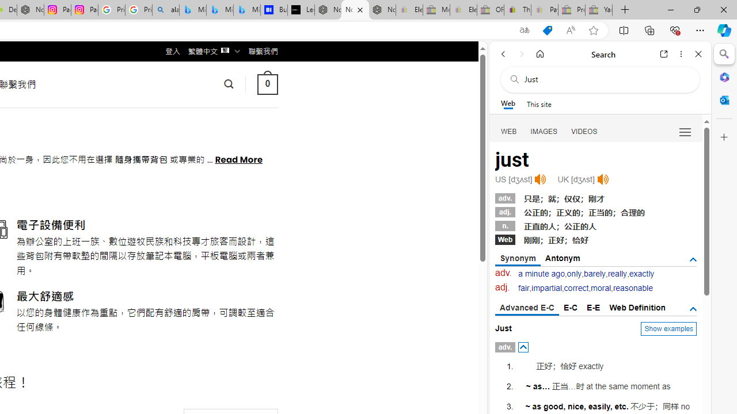  I want to click on 'Show translate options', so click(523, 30).